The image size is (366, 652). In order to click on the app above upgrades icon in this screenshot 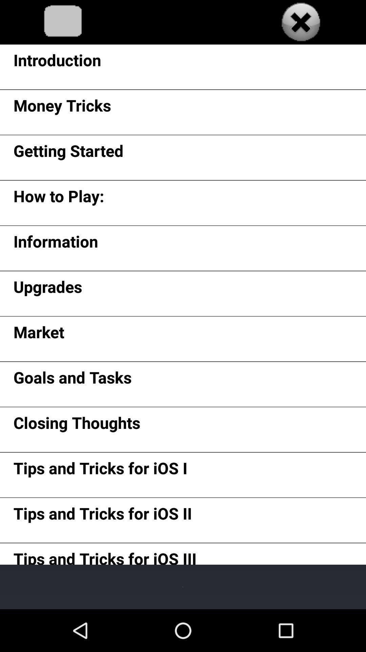, I will do `click(55, 244)`.